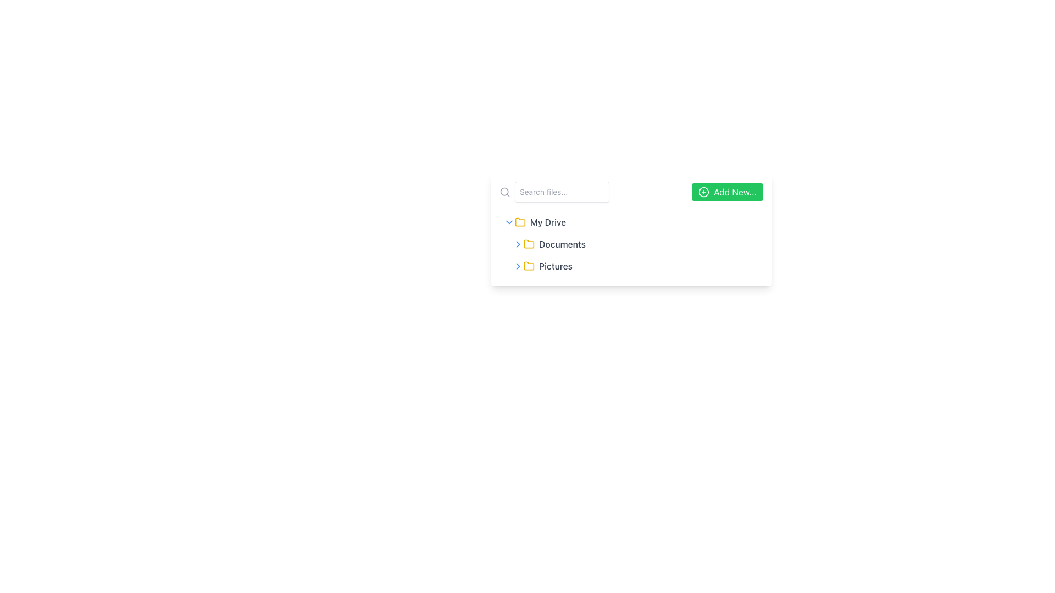 This screenshot has width=1055, height=593. I want to click on the 'Pictures' folder entry in the navigation list, so click(635, 266).